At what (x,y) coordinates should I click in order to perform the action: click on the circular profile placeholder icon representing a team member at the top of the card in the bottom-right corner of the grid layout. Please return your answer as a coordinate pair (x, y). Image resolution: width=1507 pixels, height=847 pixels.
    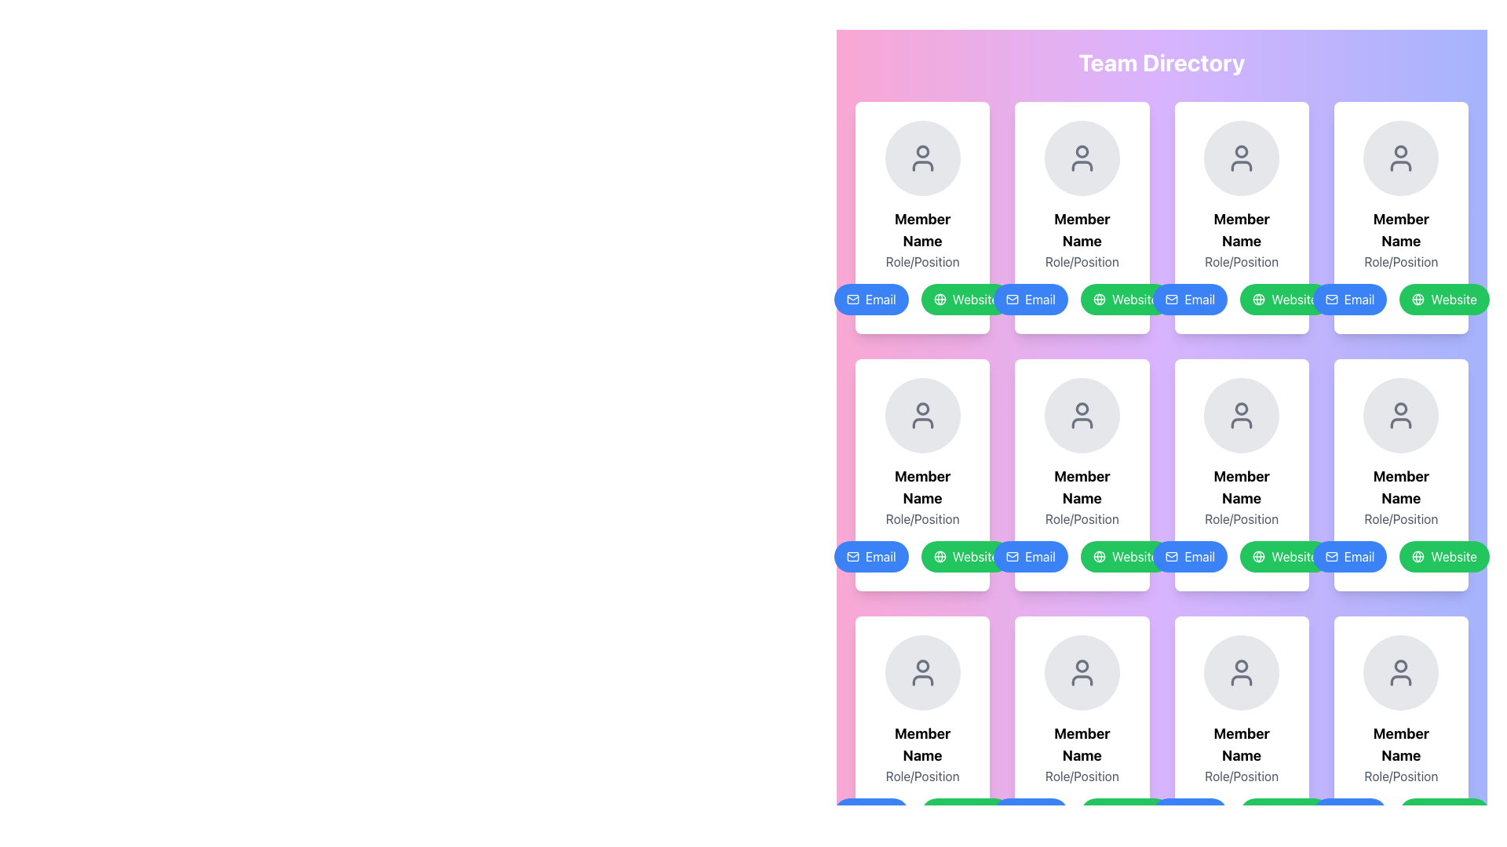
    Looking at the image, I should click on (1401, 414).